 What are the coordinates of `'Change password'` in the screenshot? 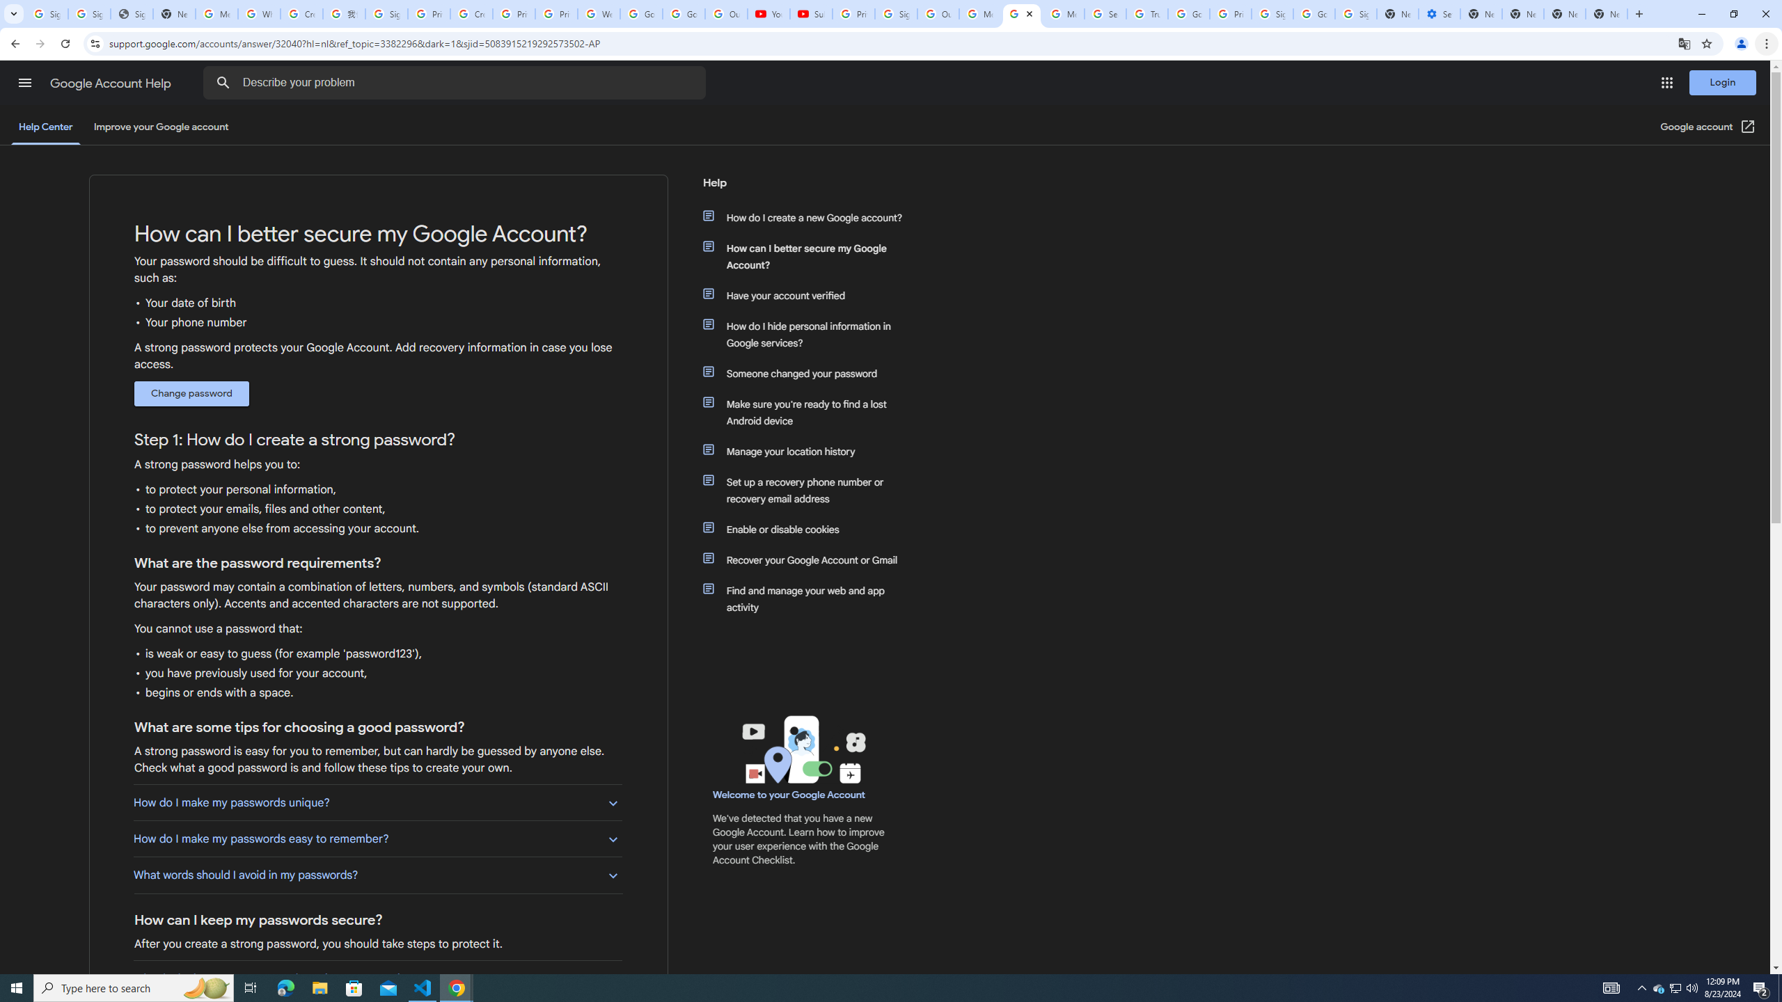 It's located at (191, 394).